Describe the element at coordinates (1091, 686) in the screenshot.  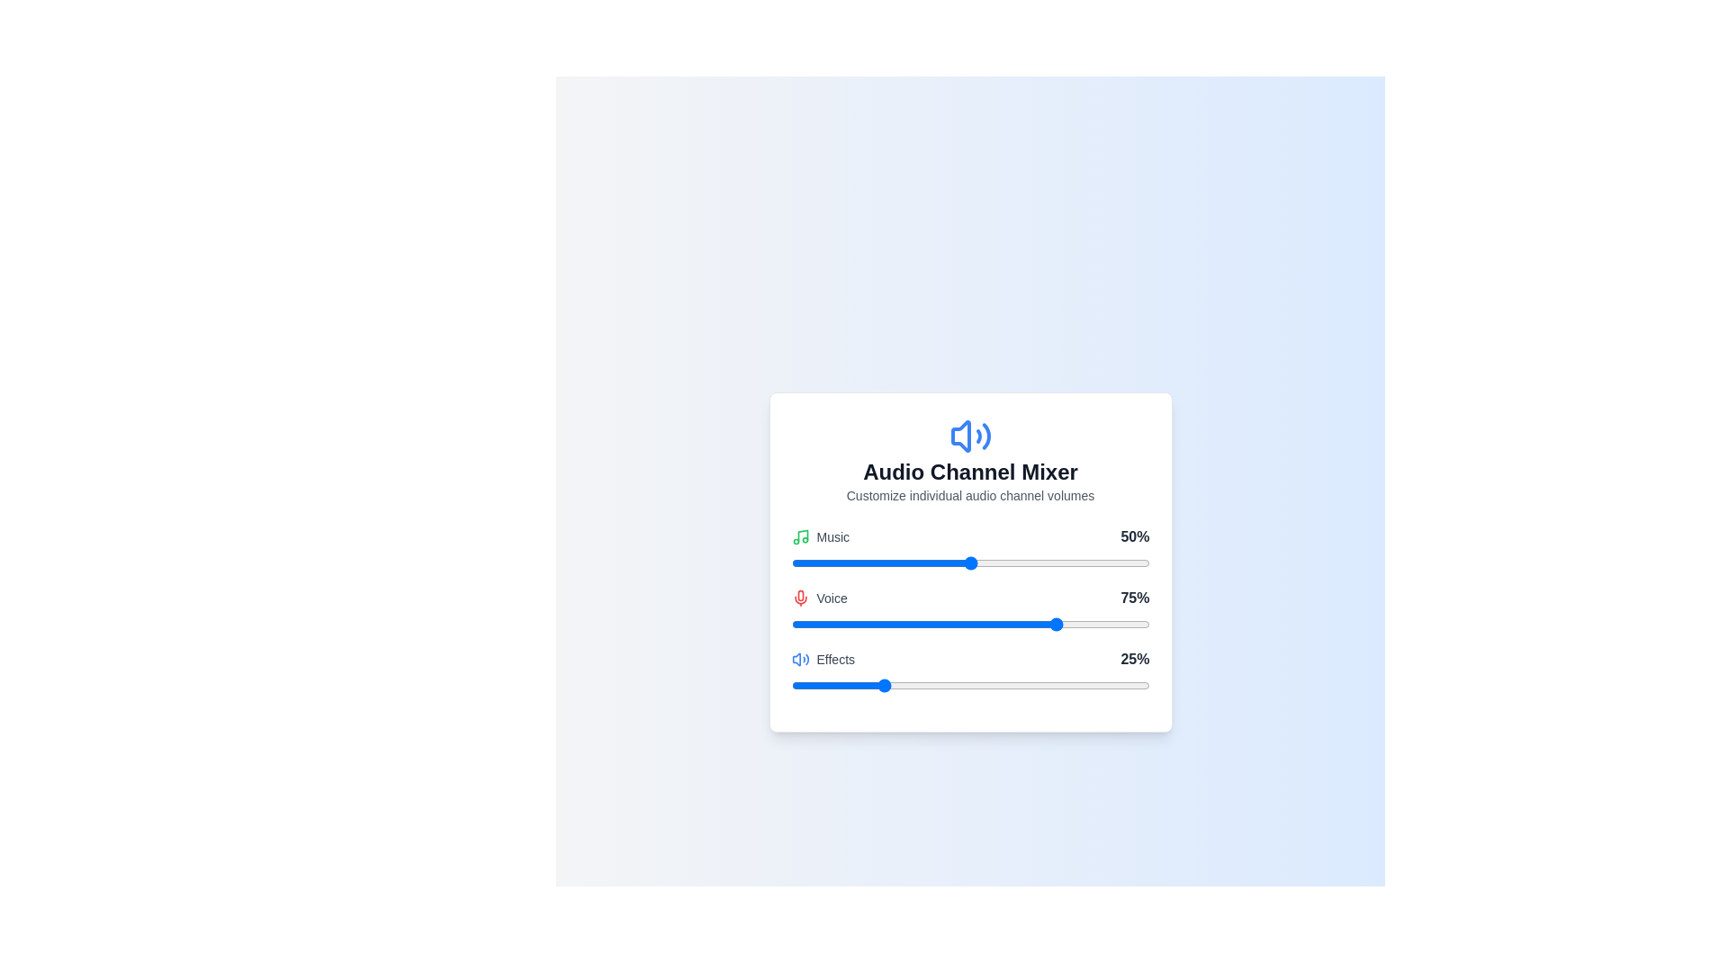
I see `effects volume` at that location.